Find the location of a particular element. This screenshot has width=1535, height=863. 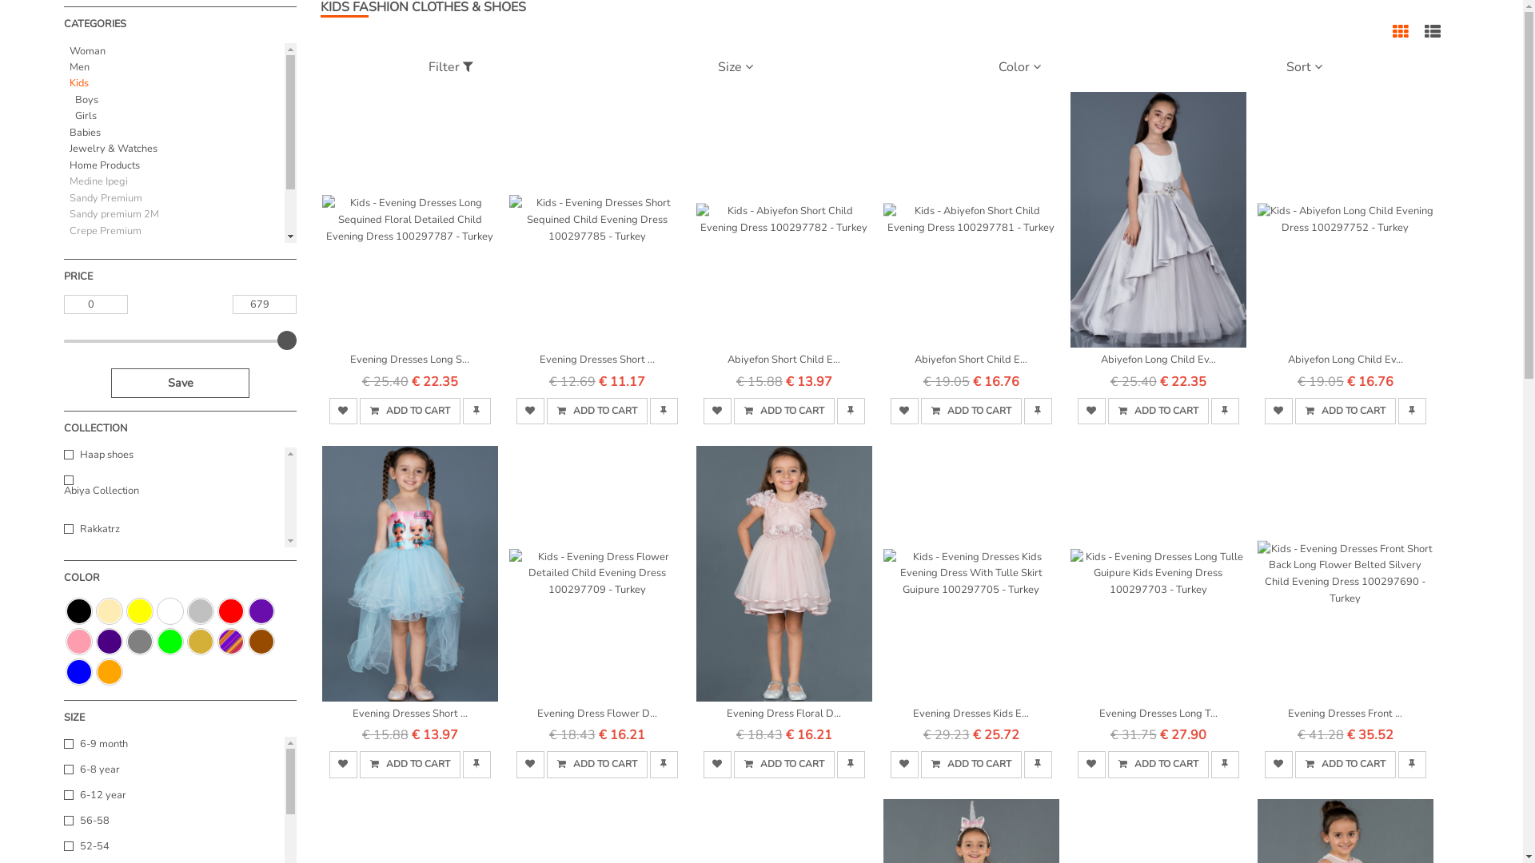

'favorite' is located at coordinates (530, 410).